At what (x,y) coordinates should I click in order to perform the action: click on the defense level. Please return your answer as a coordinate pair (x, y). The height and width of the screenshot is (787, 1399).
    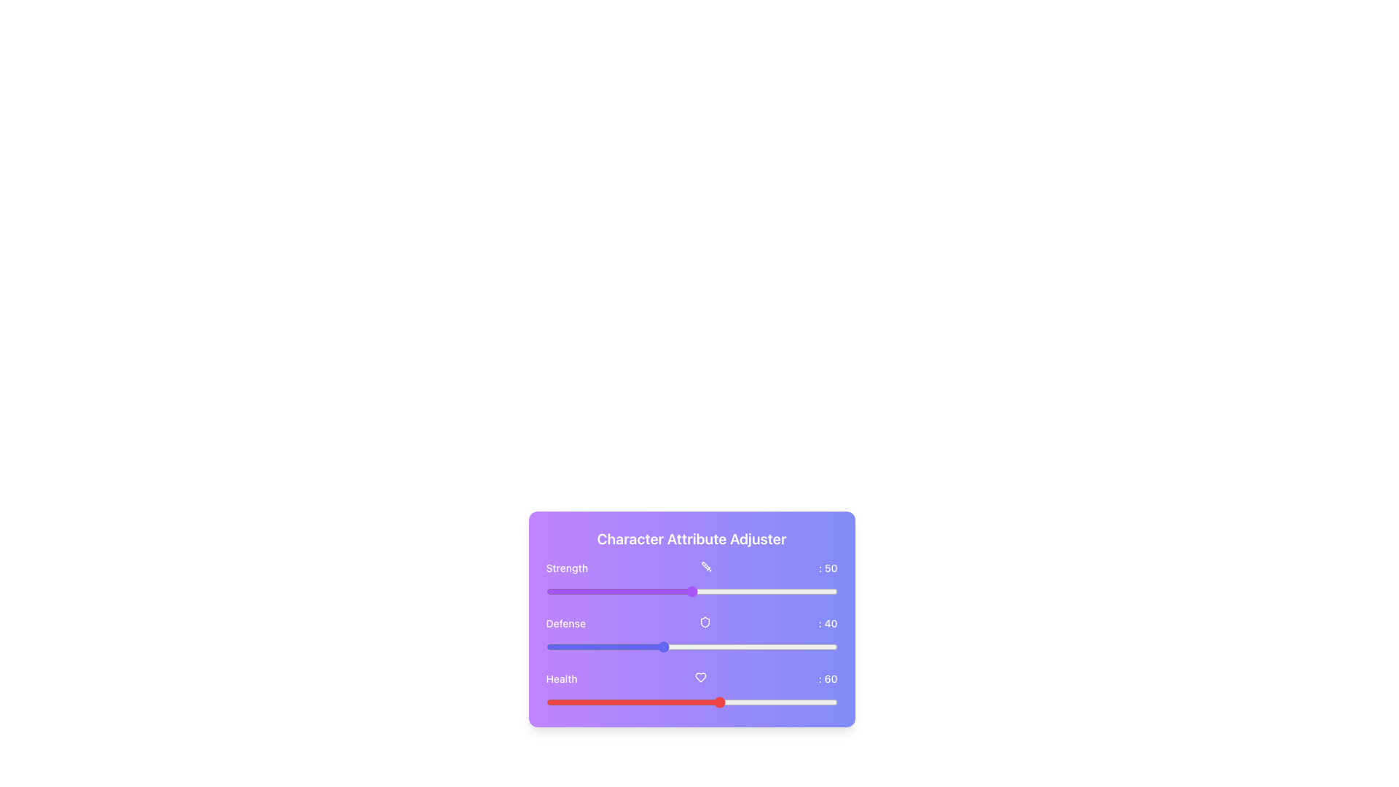
    Looking at the image, I should click on (697, 646).